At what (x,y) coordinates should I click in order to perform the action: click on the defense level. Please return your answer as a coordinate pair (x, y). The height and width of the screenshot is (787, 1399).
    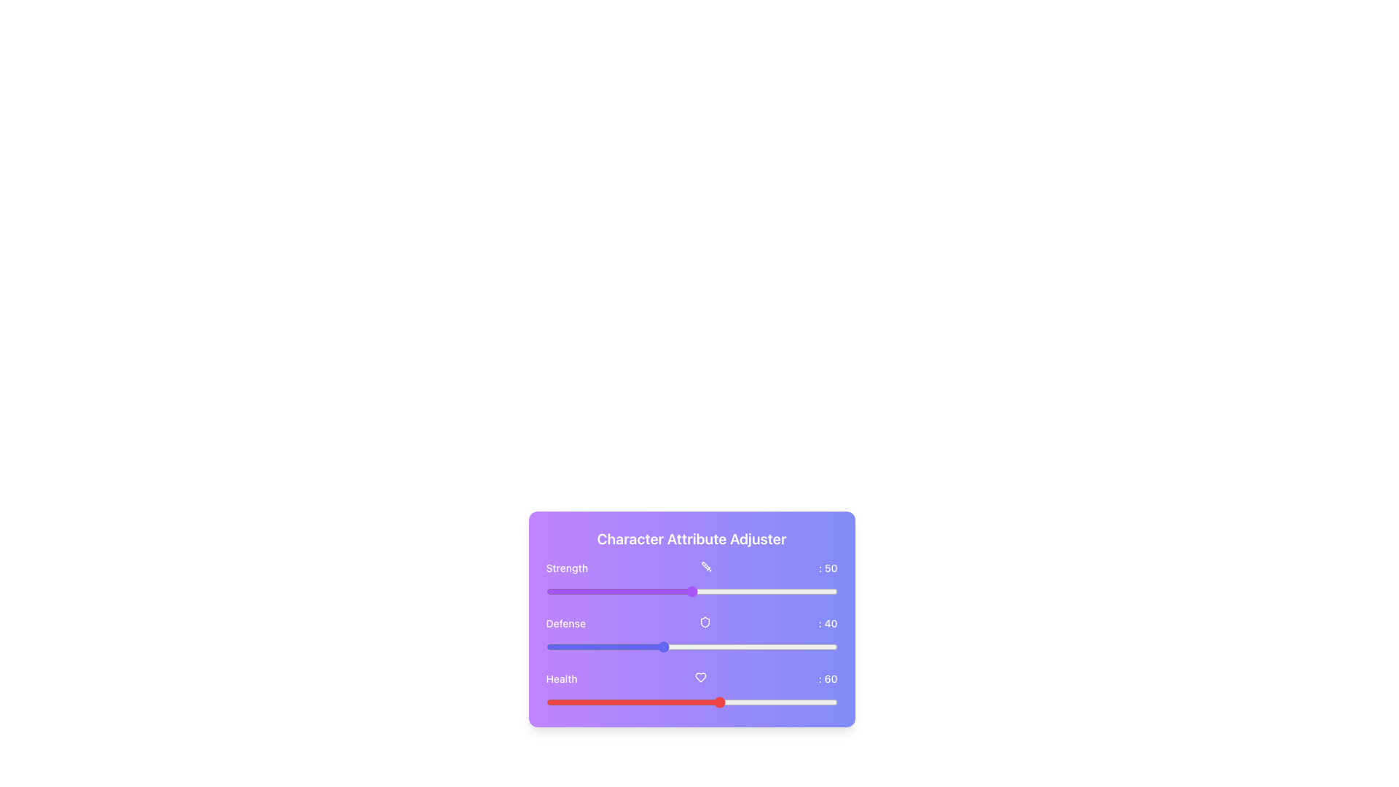
    Looking at the image, I should click on (697, 646).